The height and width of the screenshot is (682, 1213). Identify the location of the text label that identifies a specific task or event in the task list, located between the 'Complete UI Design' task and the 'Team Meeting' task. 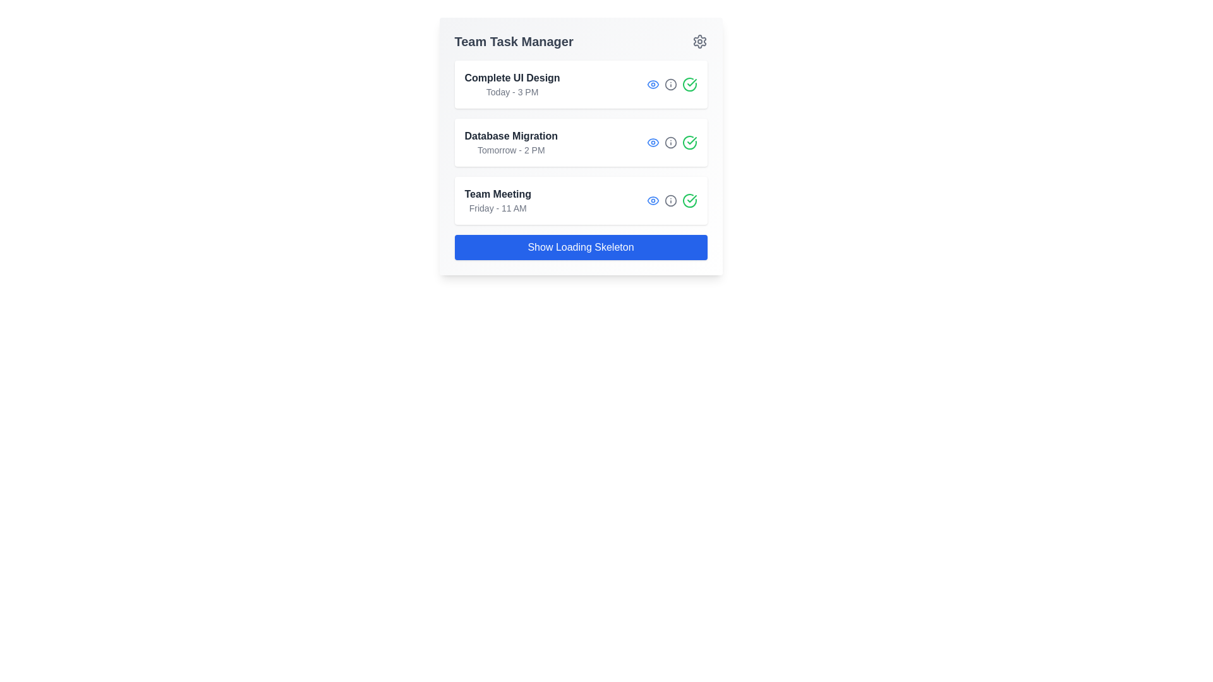
(511, 136).